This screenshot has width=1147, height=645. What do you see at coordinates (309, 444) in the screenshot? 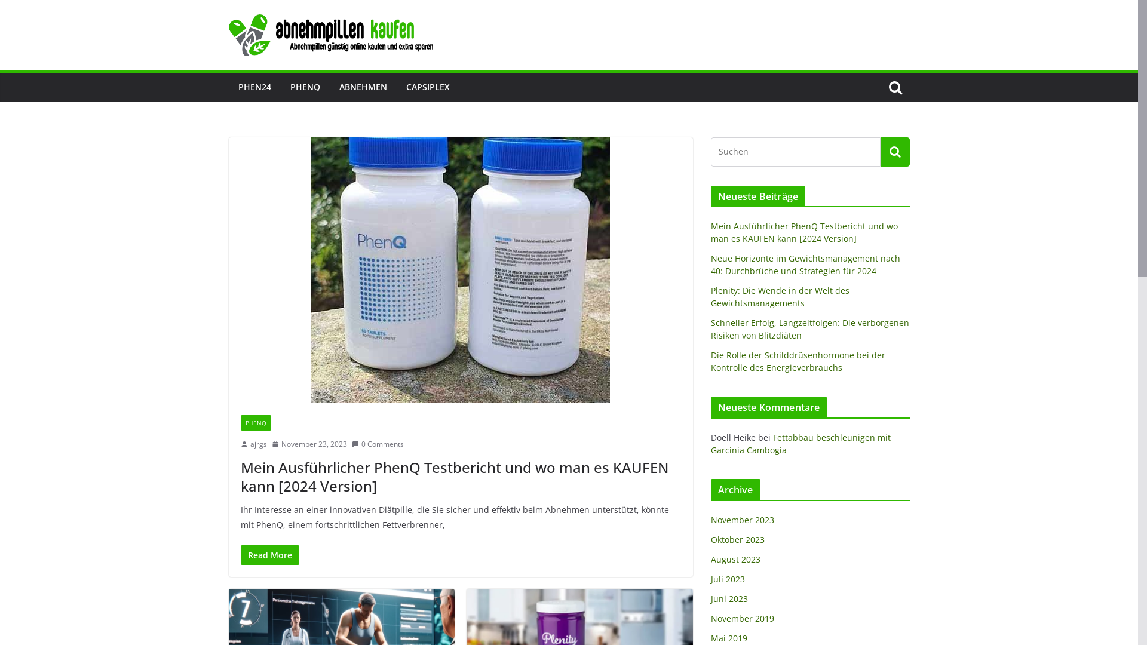
I see `'November 23, 2023'` at bounding box center [309, 444].